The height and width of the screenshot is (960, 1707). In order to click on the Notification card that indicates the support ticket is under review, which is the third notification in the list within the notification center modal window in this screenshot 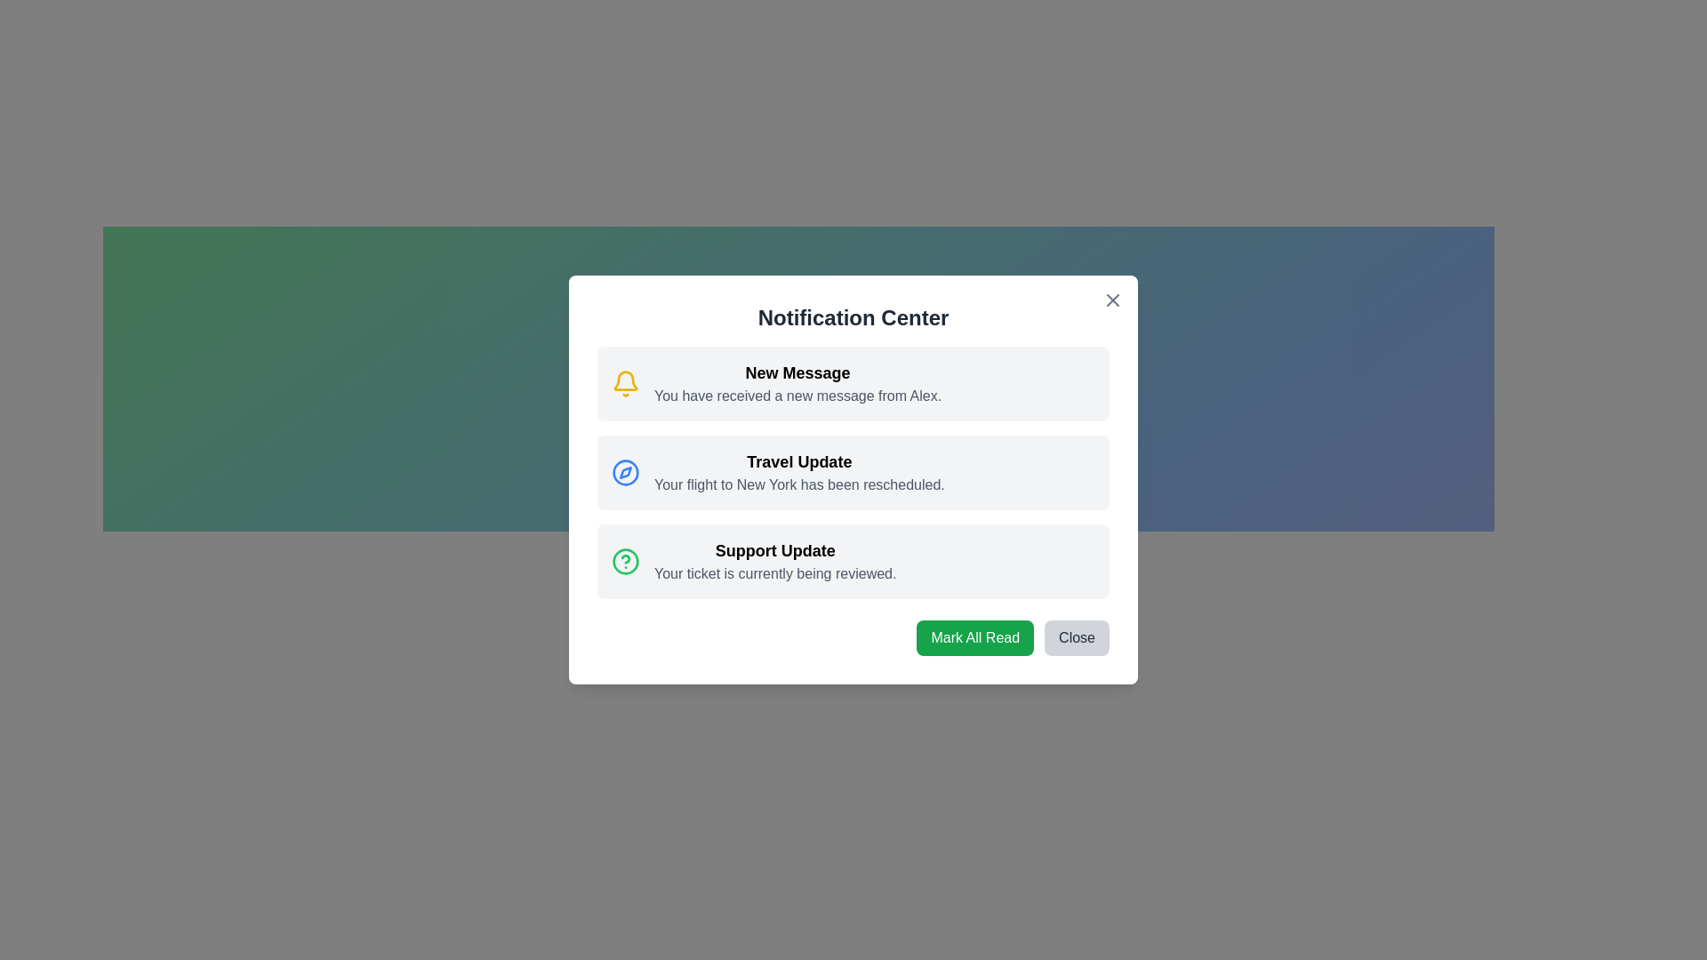, I will do `click(775, 562)`.